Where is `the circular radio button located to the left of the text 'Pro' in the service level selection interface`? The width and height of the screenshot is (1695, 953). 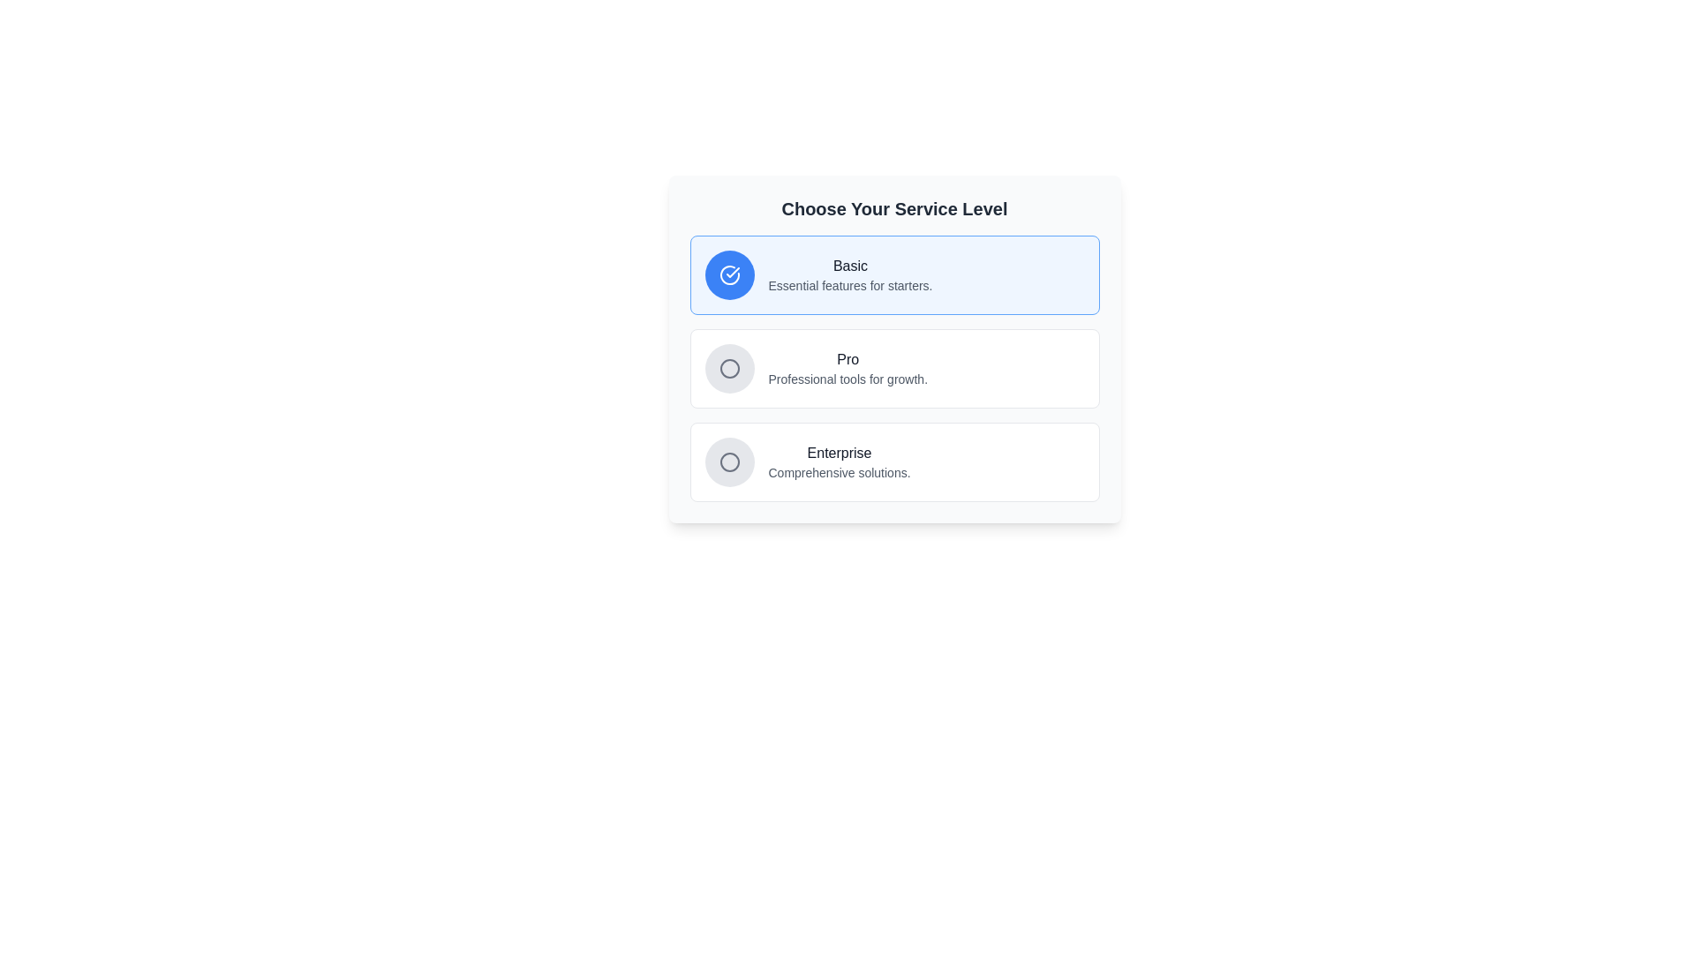
the circular radio button located to the left of the text 'Pro' in the service level selection interface is located at coordinates (729, 367).